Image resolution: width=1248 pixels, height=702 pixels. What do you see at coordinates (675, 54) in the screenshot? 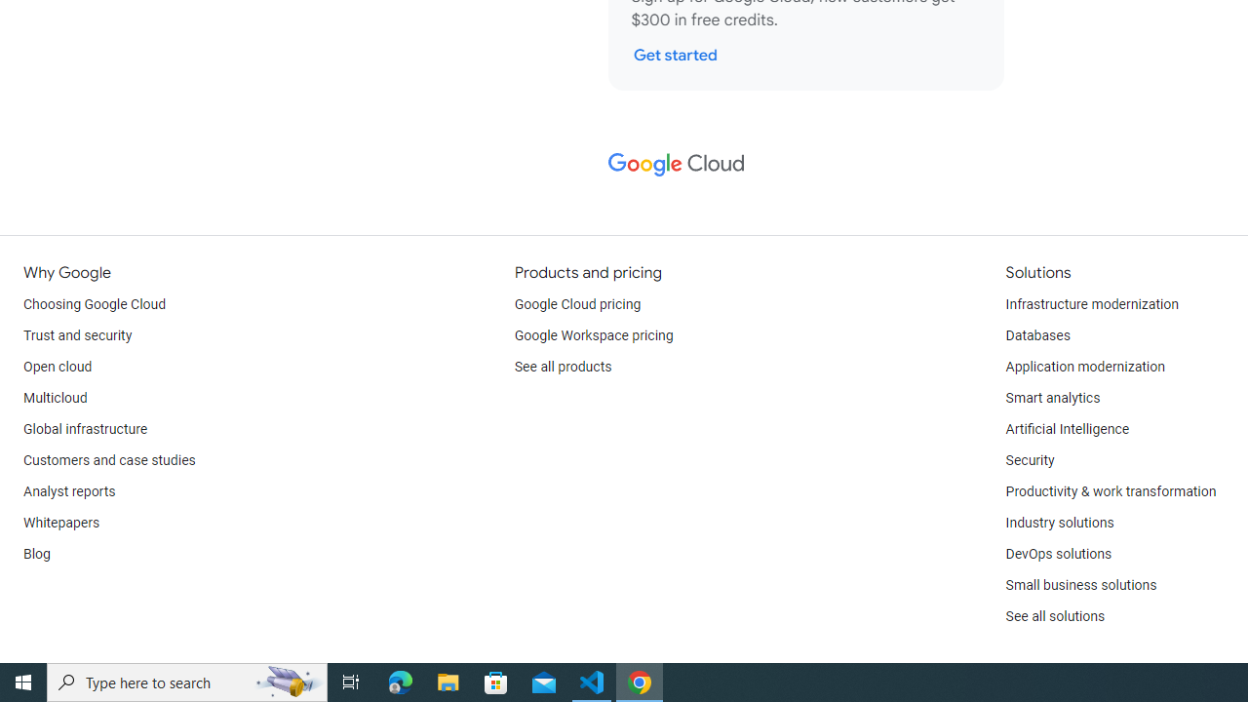
I see `'Get started'` at bounding box center [675, 54].